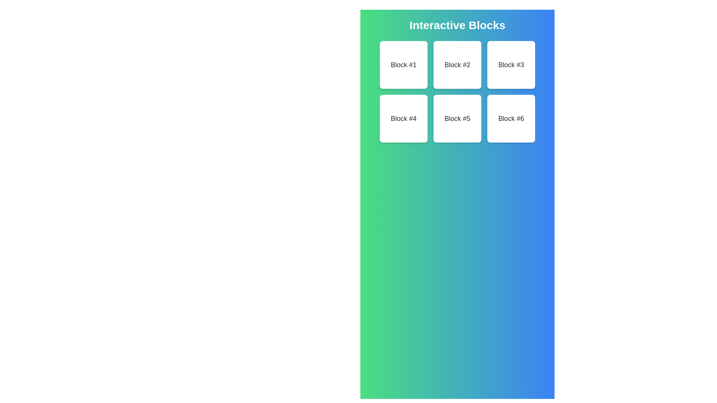 Image resolution: width=717 pixels, height=403 pixels. What do you see at coordinates (510, 64) in the screenshot?
I see `the Static content tile labeled 'Block #3', which is a white square tile with rounded corners, featuring bold text and a shadow effect` at bounding box center [510, 64].